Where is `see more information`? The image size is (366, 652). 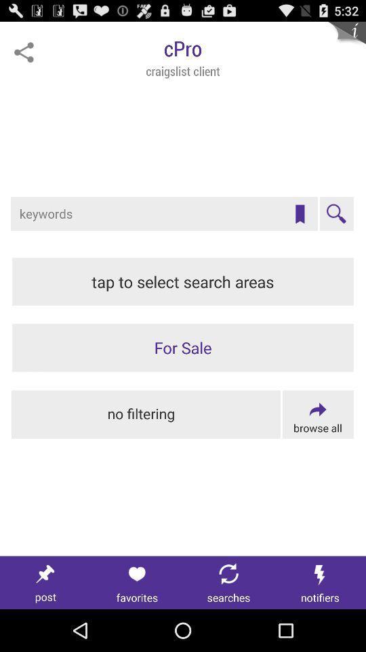
see more information is located at coordinates (346, 39).